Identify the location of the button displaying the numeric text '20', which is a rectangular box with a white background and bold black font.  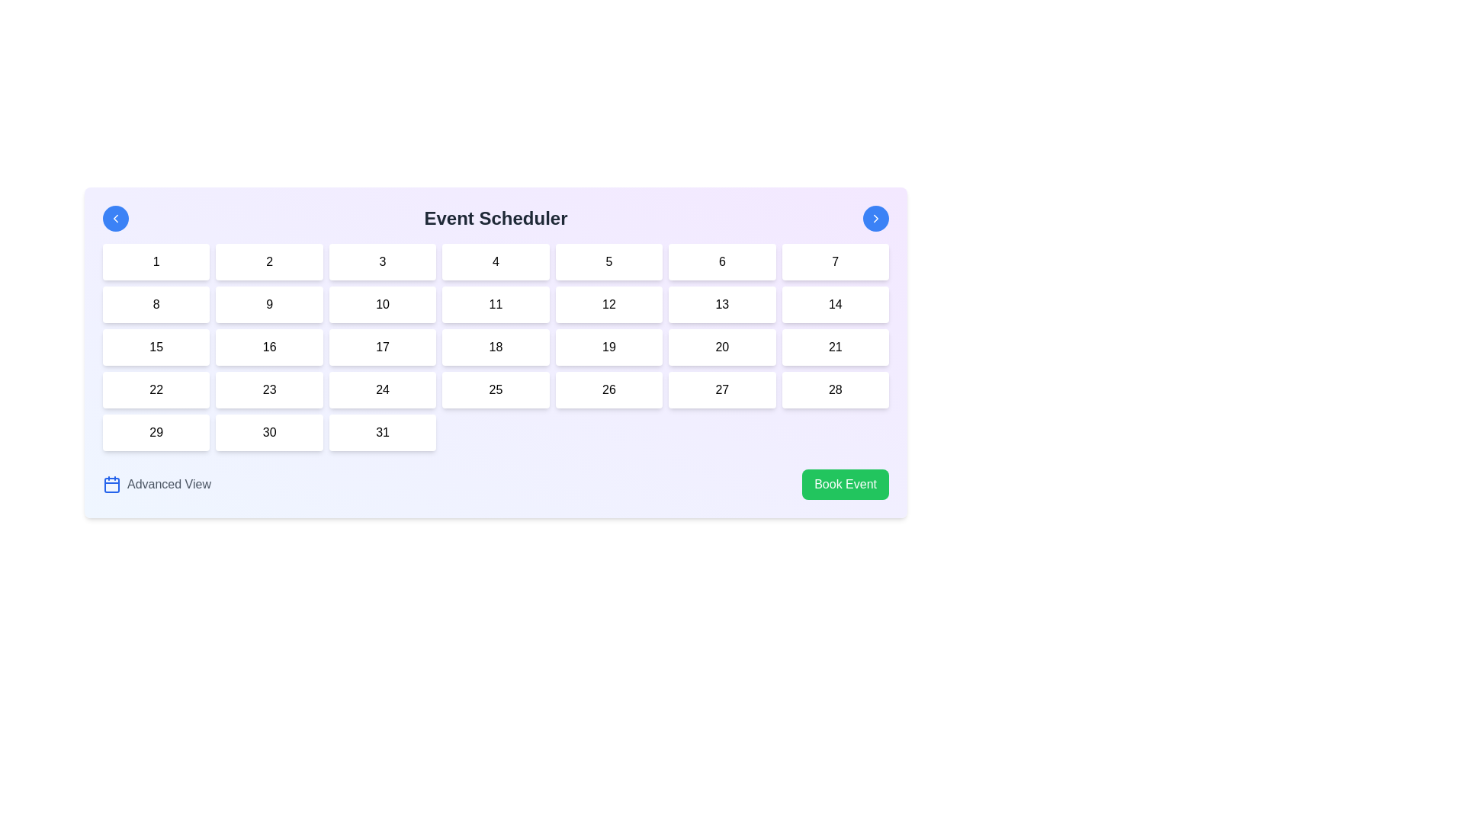
(721, 347).